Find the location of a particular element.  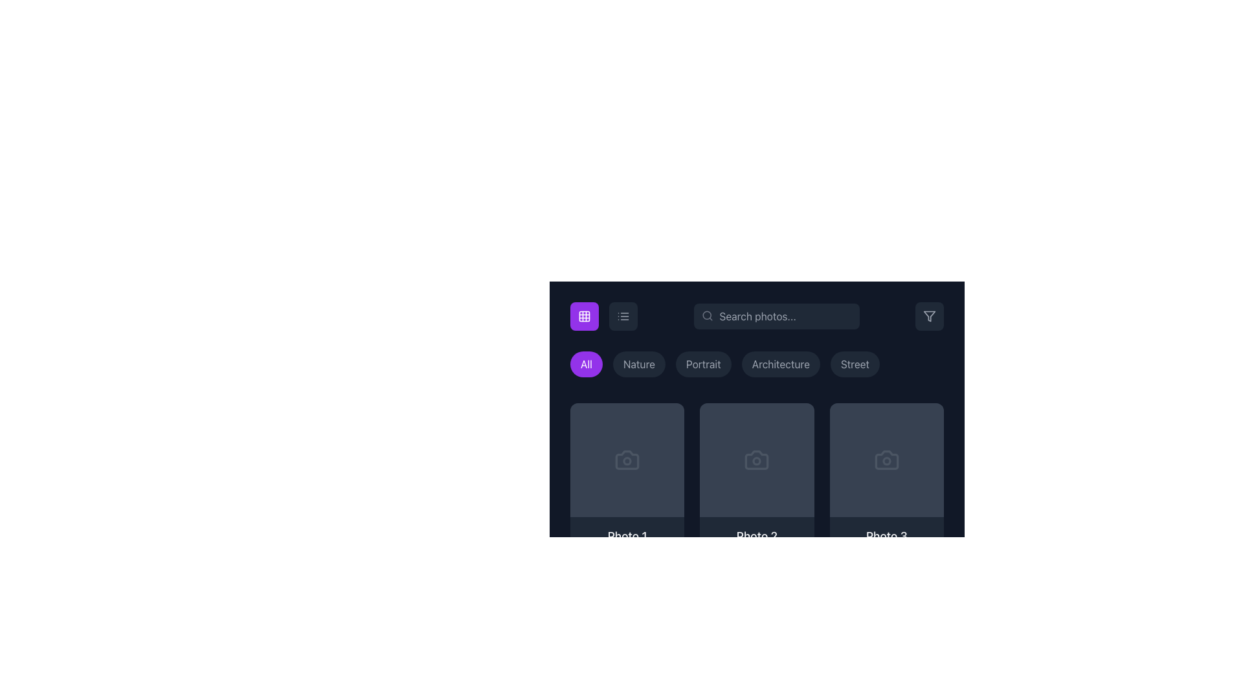

the interactive button for the second photo card in the gallery is located at coordinates (722, 460).